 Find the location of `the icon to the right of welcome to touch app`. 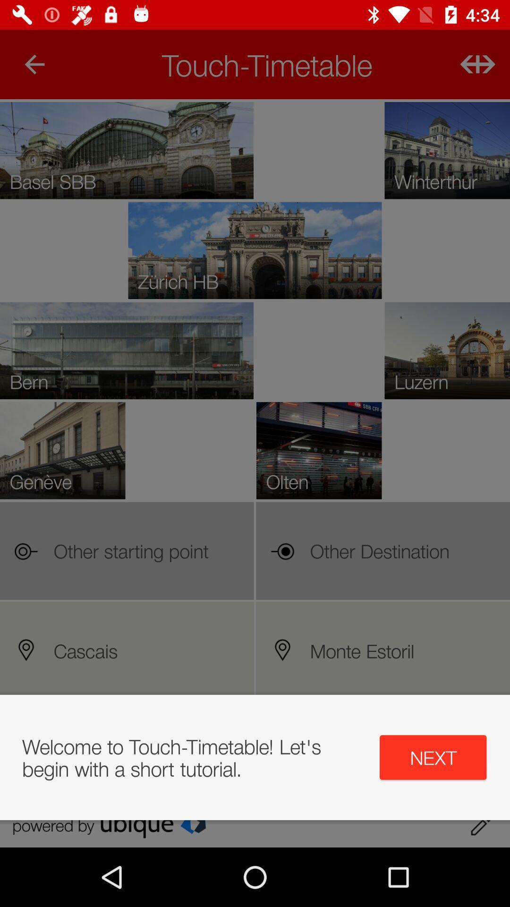

the icon to the right of welcome to touch app is located at coordinates (433, 757).